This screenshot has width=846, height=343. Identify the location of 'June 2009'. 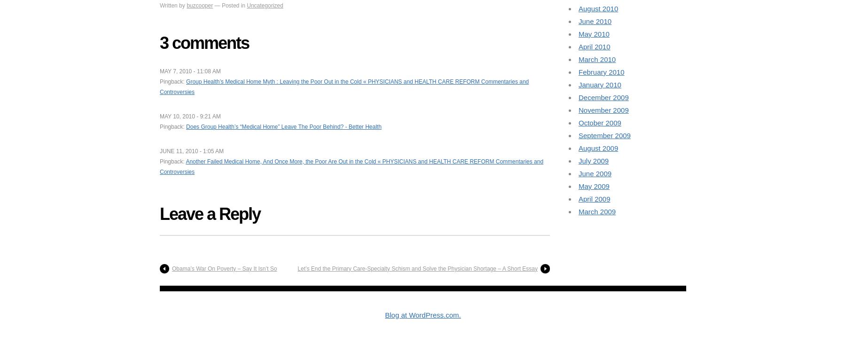
(595, 173).